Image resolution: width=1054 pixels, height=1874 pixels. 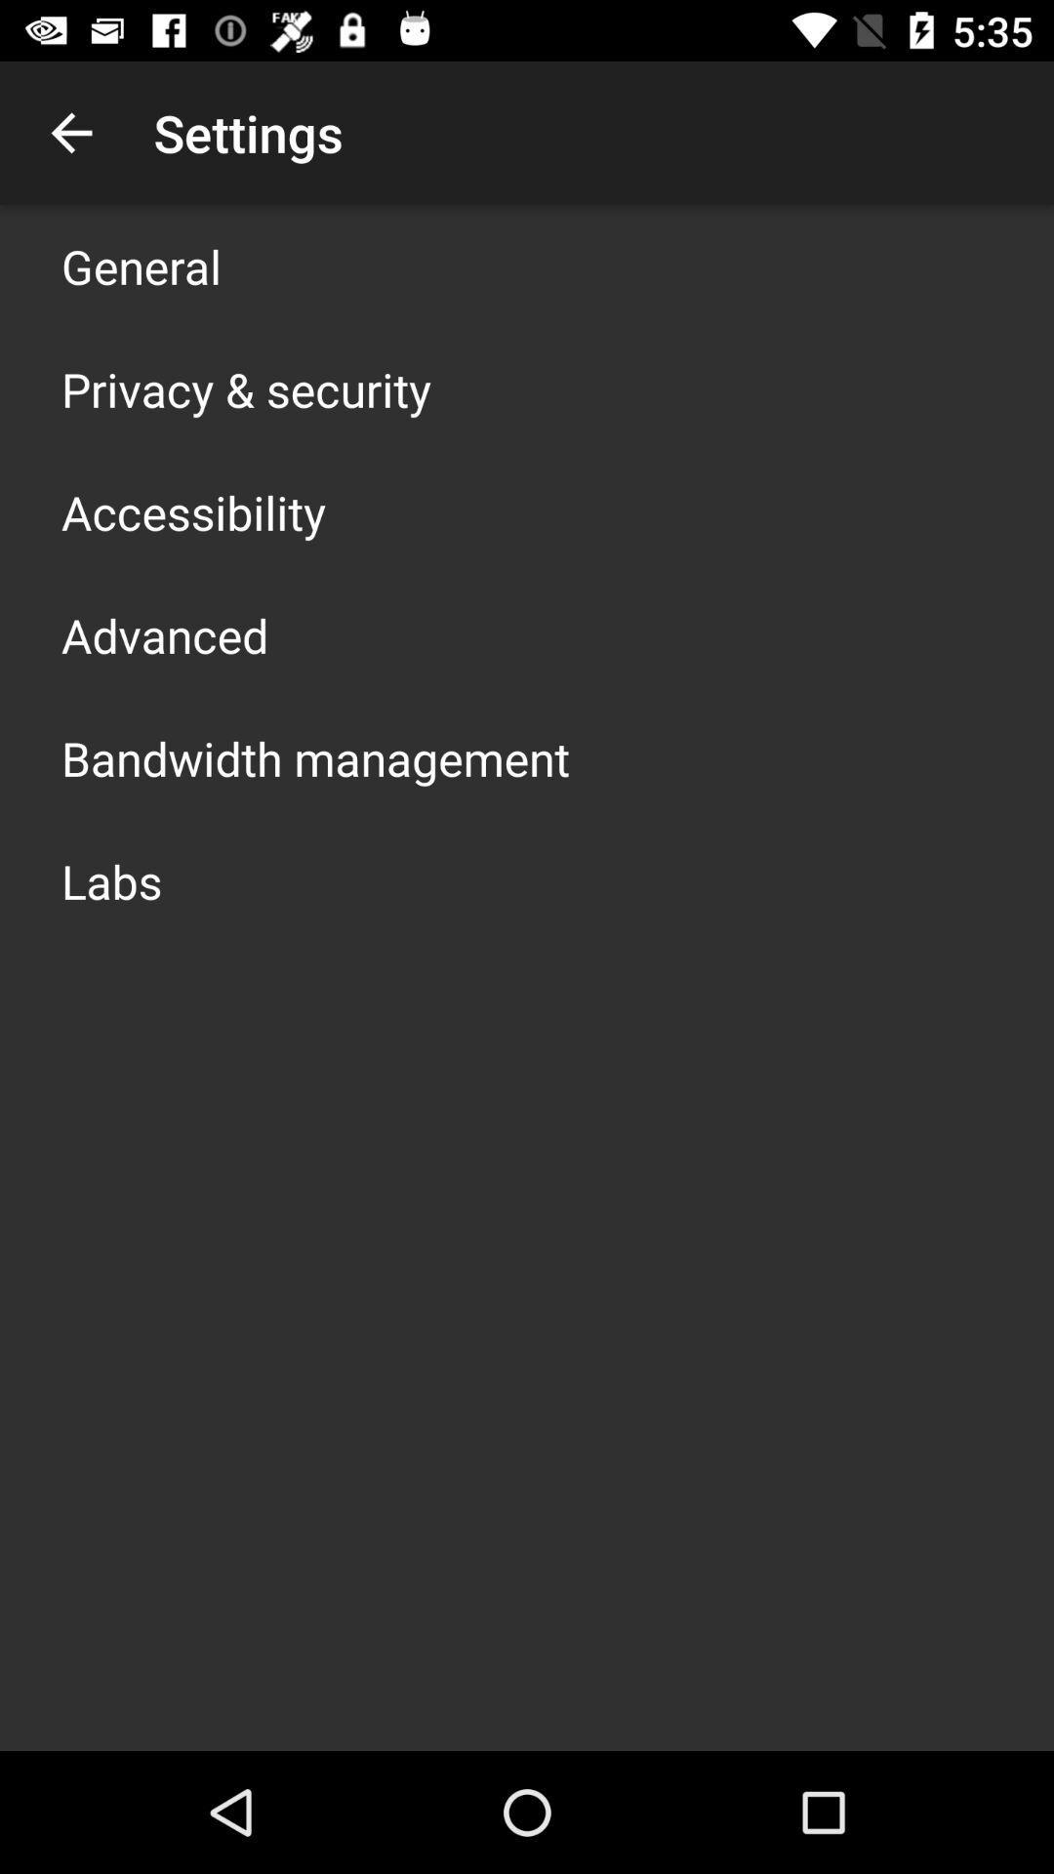 I want to click on the icon above advanced, so click(x=193, y=511).